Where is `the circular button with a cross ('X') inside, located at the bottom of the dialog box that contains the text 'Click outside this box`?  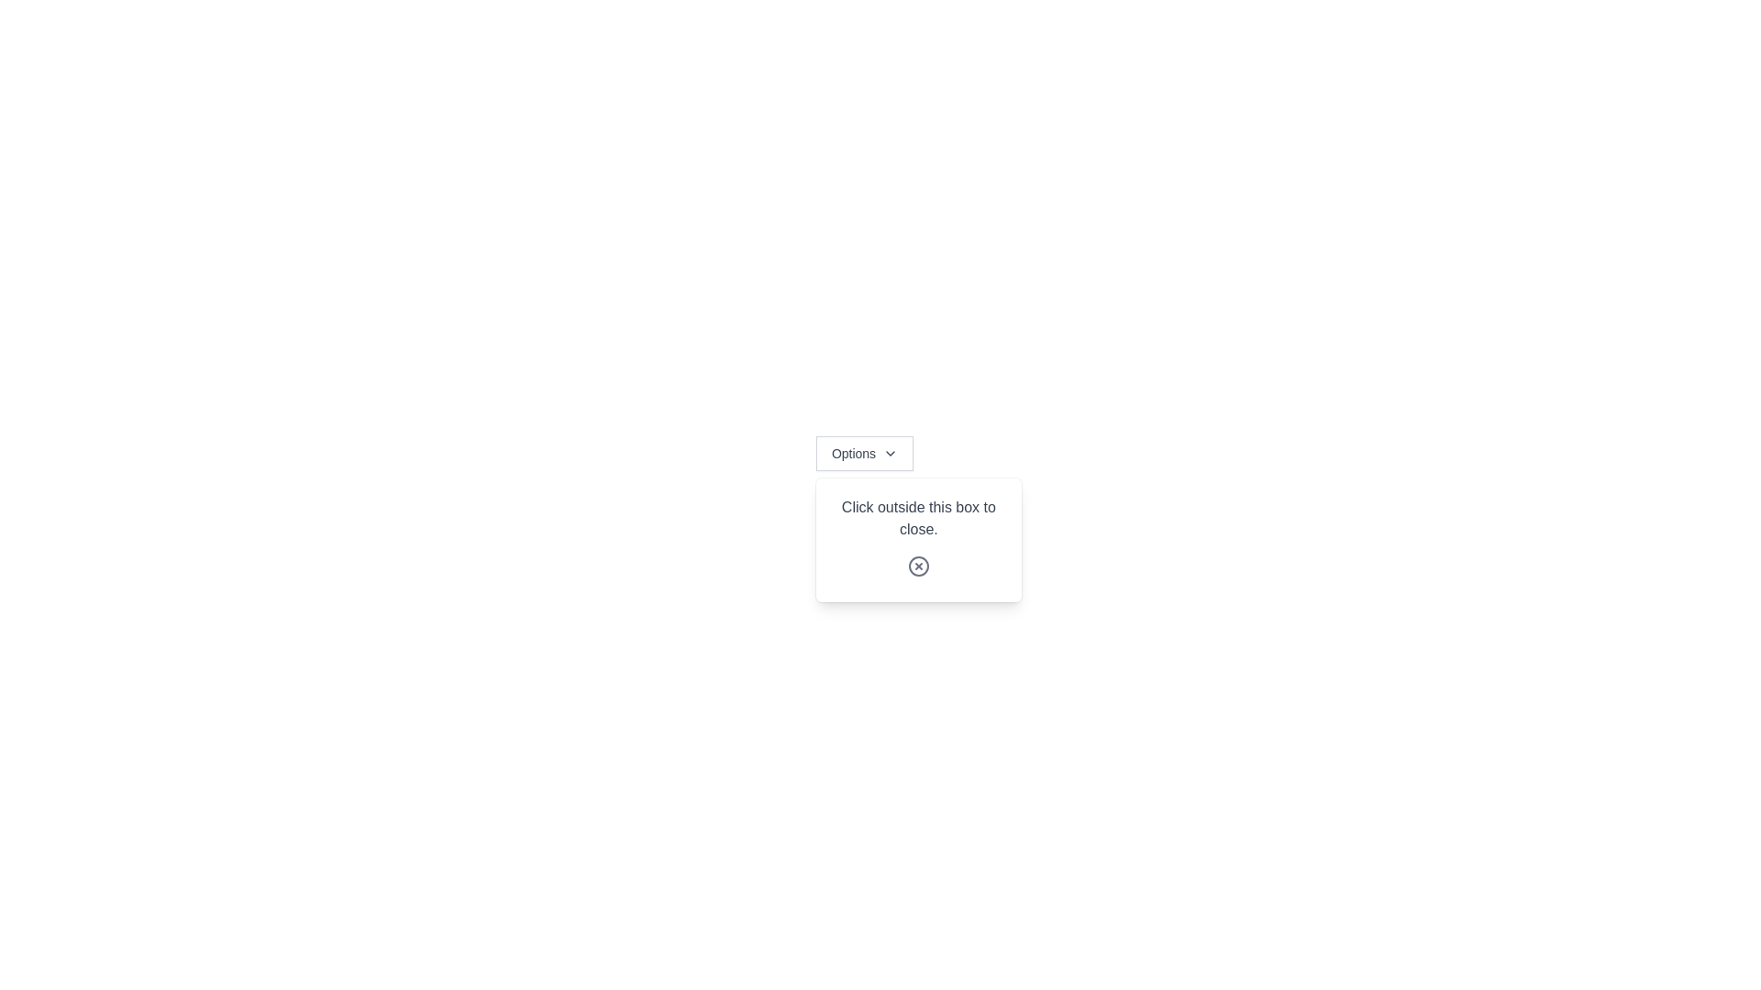
the circular button with a cross ('X') inside, located at the bottom of the dialog box that contains the text 'Click outside this box is located at coordinates (918, 565).